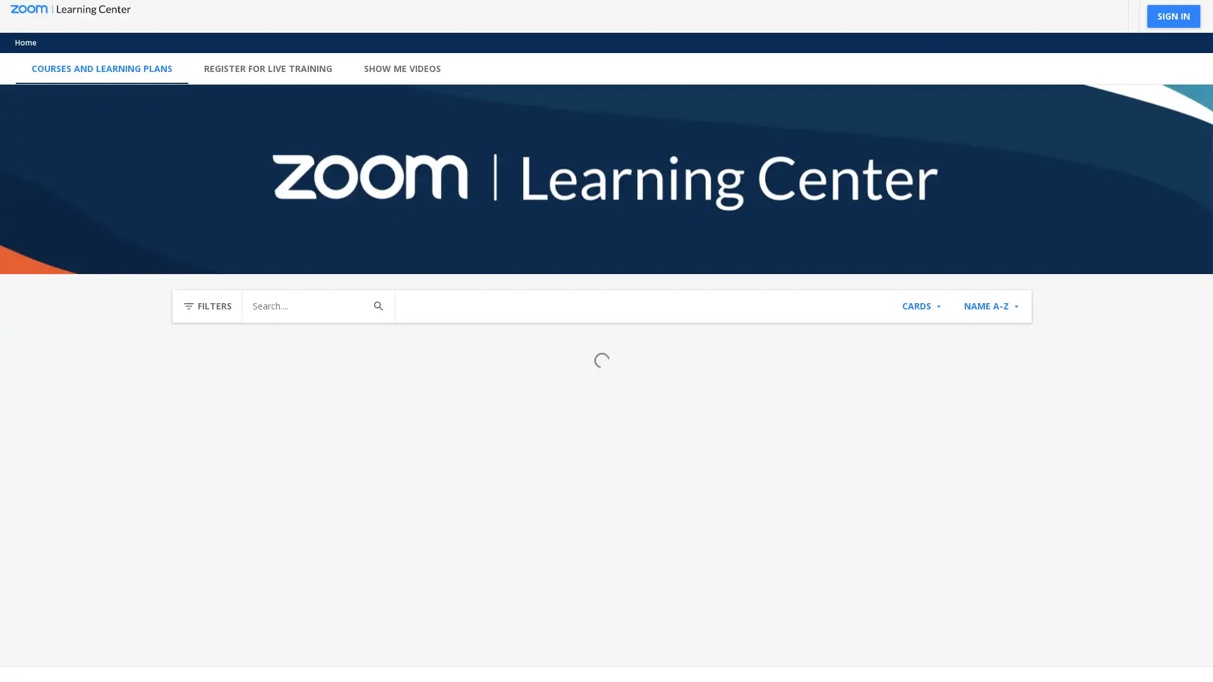 The width and height of the screenshot is (1213, 682). What do you see at coordinates (1173, 15) in the screenshot?
I see `SIGN IN` at bounding box center [1173, 15].